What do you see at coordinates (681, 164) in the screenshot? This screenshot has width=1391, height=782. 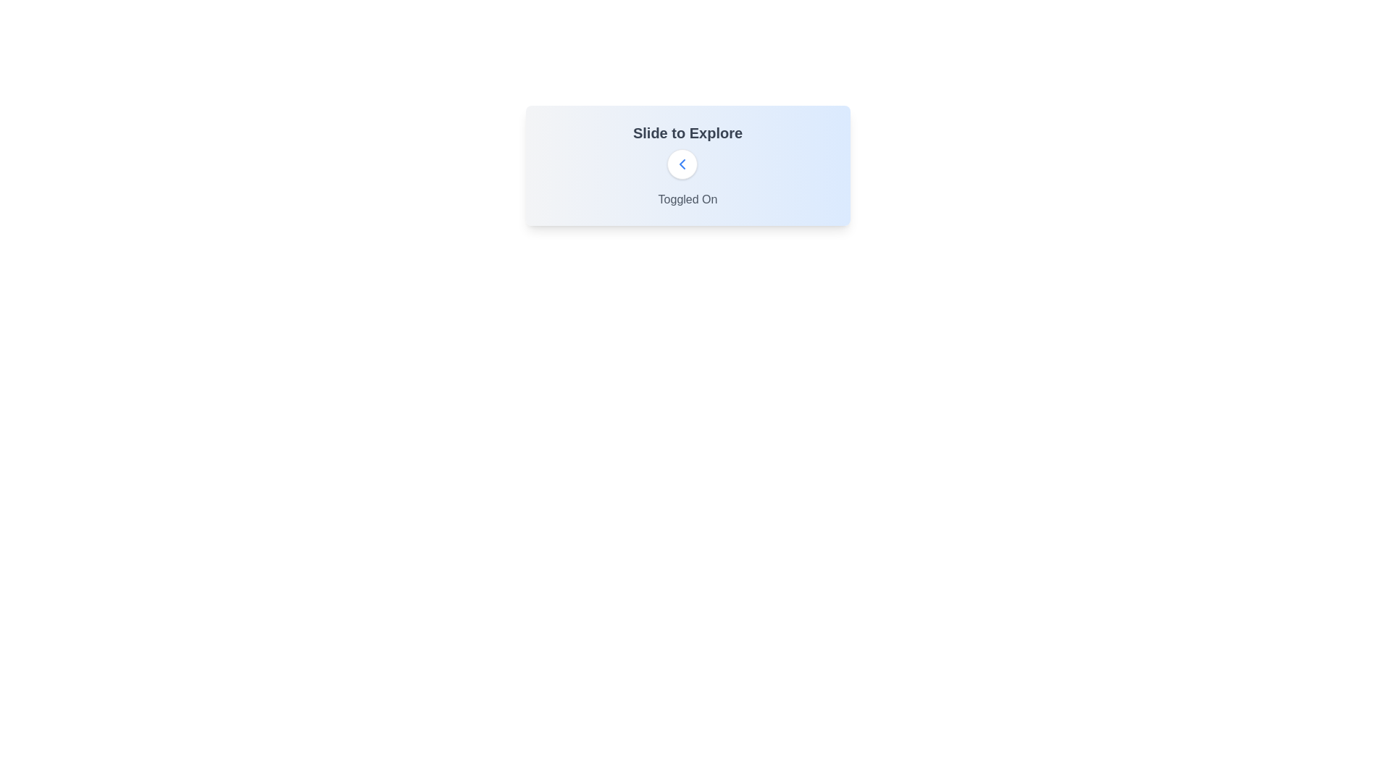 I see `the blue left-pointing chevron icon, which is enclosed in a circular button with a white background, located between the 'Slide` at bounding box center [681, 164].